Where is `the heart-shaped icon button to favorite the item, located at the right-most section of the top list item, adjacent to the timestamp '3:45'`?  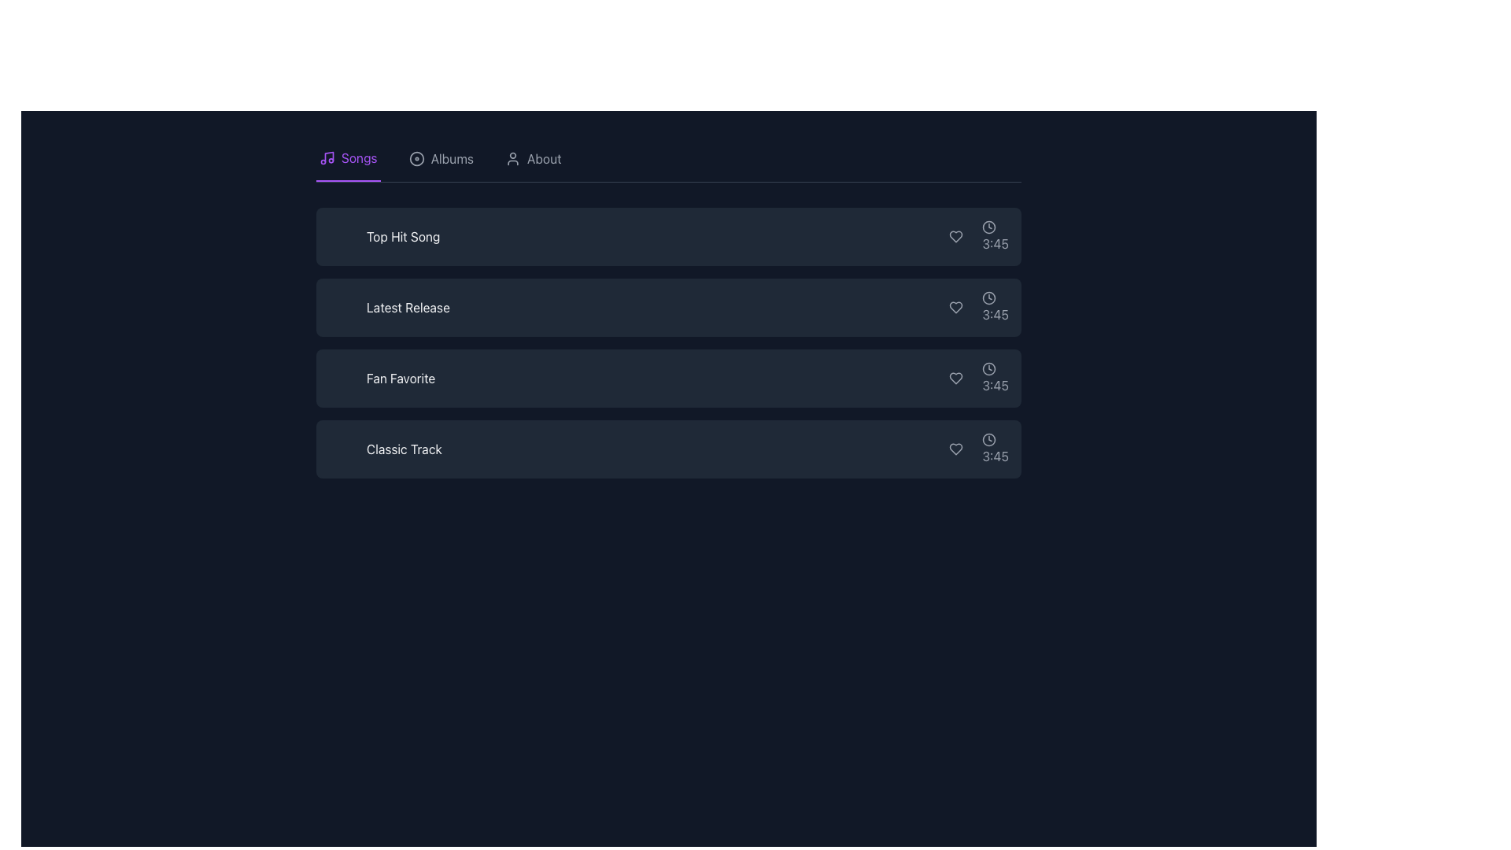
the heart-shaped icon button to favorite the item, located at the right-most section of the top list item, adjacent to the timestamp '3:45' is located at coordinates (955, 236).